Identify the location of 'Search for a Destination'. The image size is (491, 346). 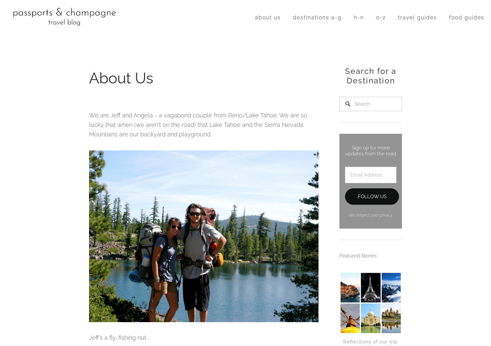
(371, 76).